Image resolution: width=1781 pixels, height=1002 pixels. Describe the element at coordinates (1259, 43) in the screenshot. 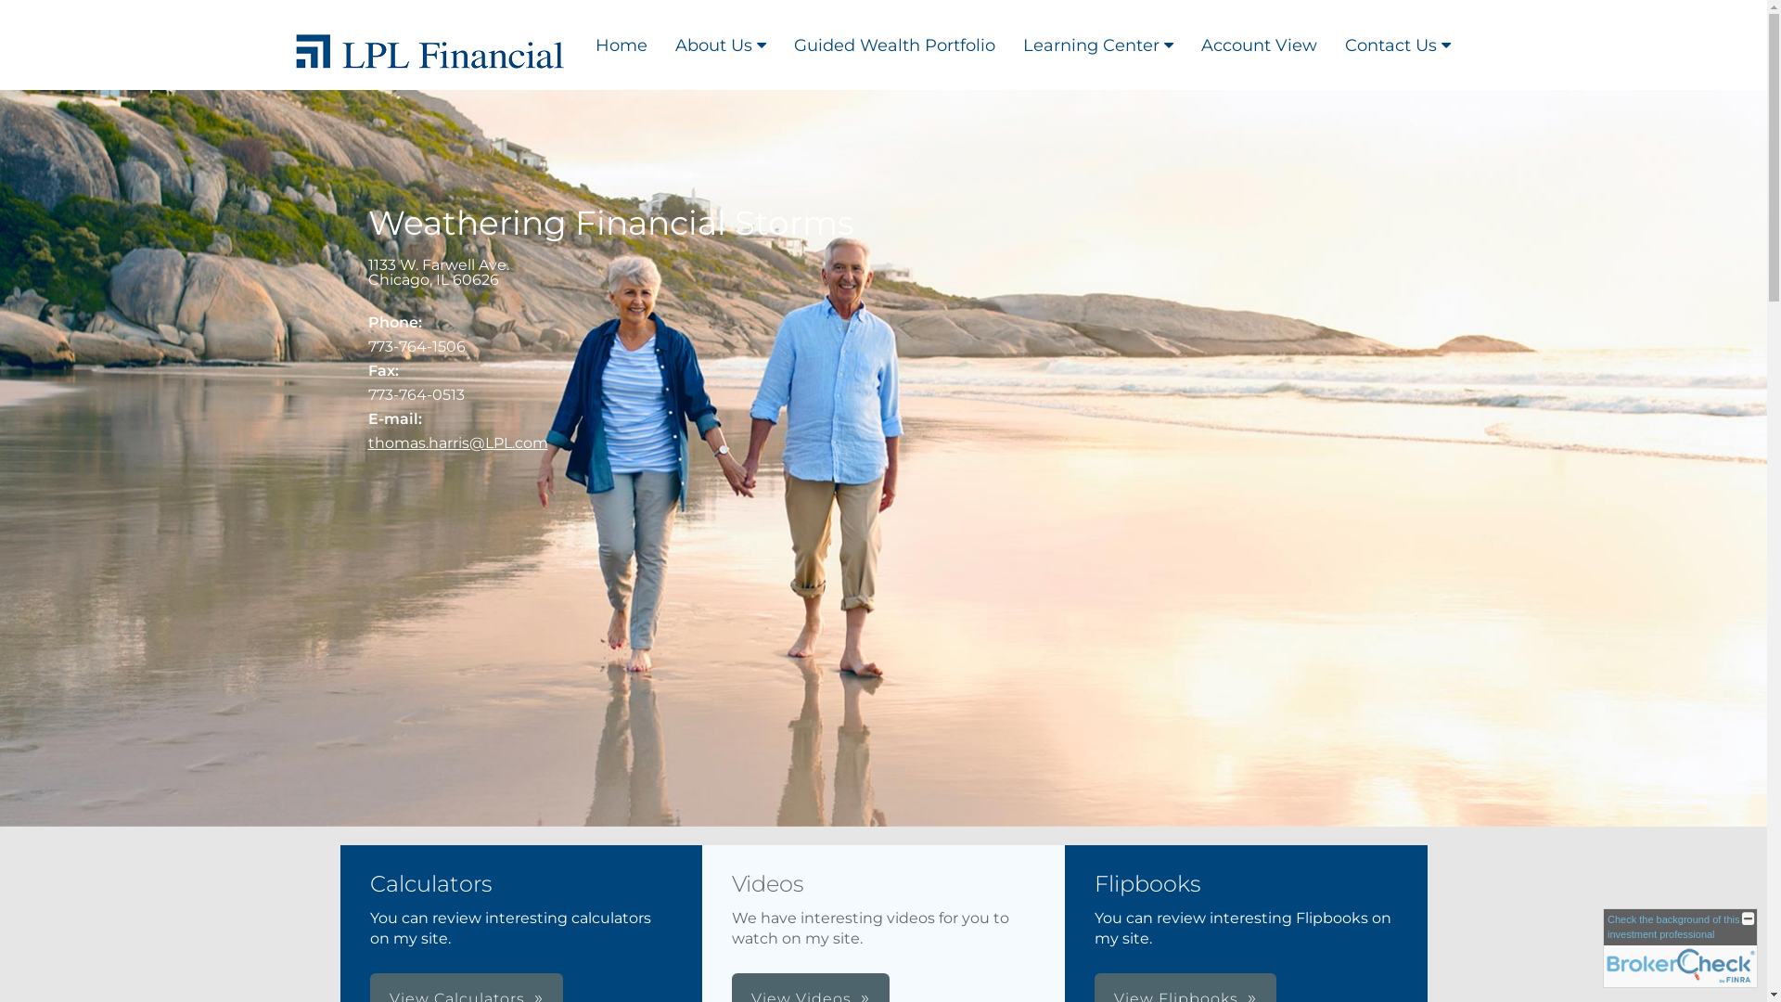

I see `'Account View'` at that location.